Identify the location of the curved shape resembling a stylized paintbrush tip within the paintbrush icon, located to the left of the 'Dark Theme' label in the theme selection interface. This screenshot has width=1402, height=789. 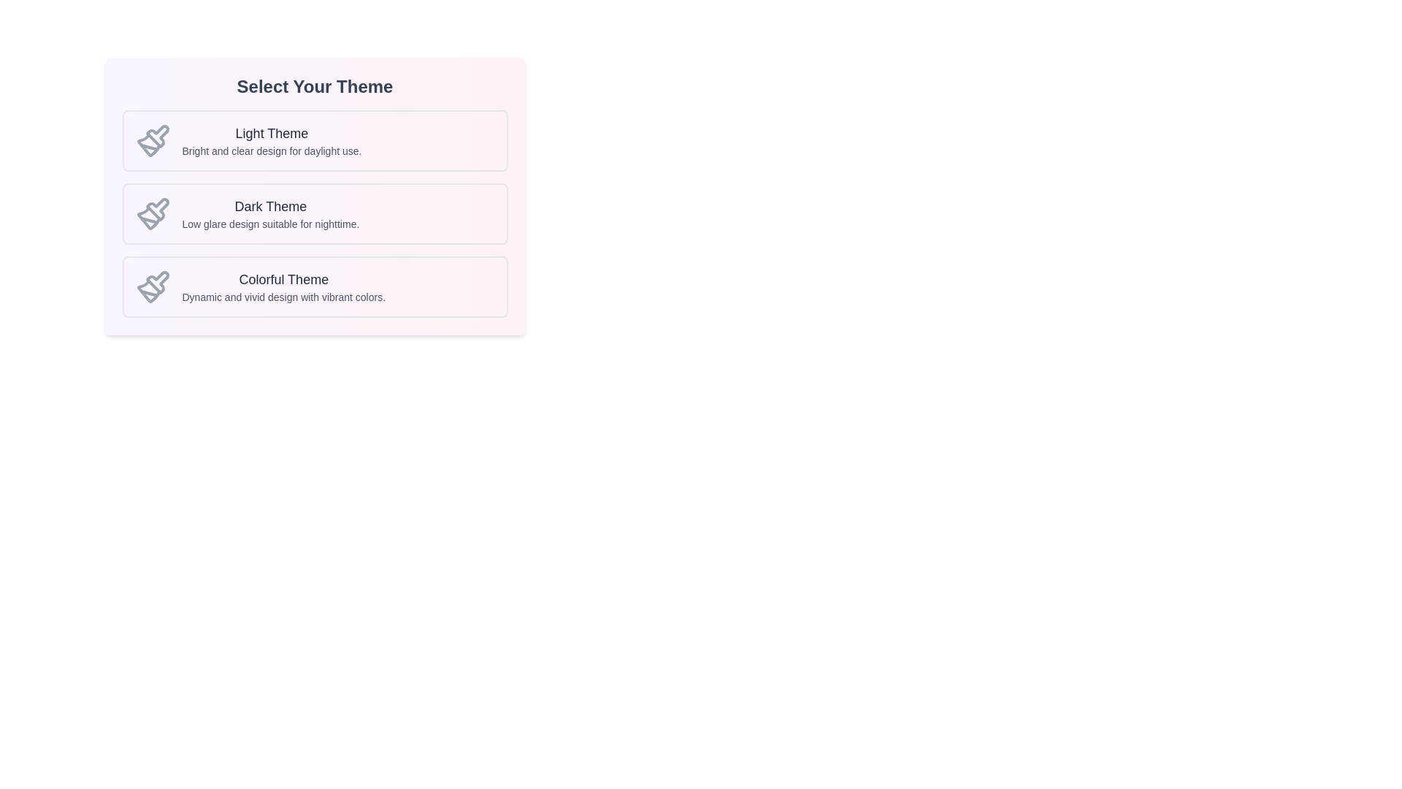
(148, 218).